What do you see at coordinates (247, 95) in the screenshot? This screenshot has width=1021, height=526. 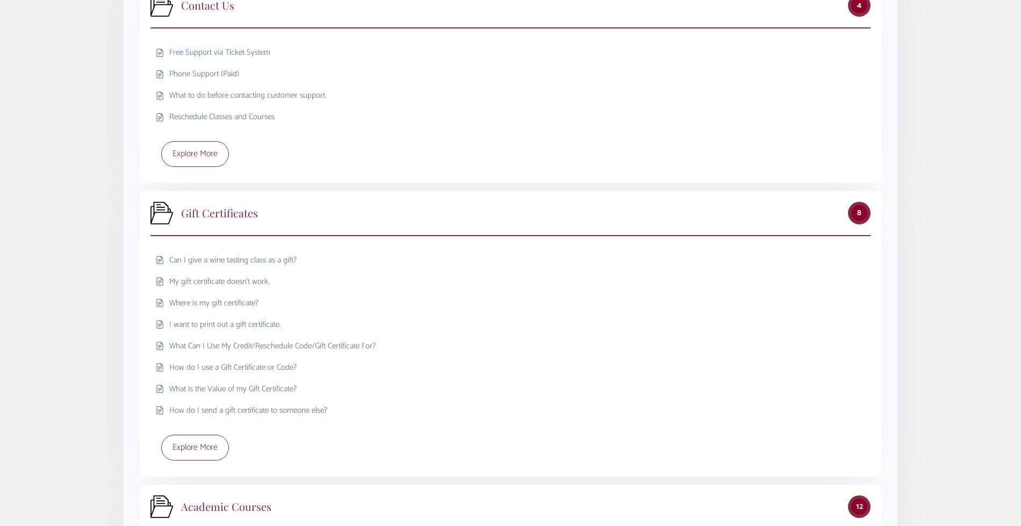 I see `'What to do before contacting customer support.'` at bounding box center [247, 95].